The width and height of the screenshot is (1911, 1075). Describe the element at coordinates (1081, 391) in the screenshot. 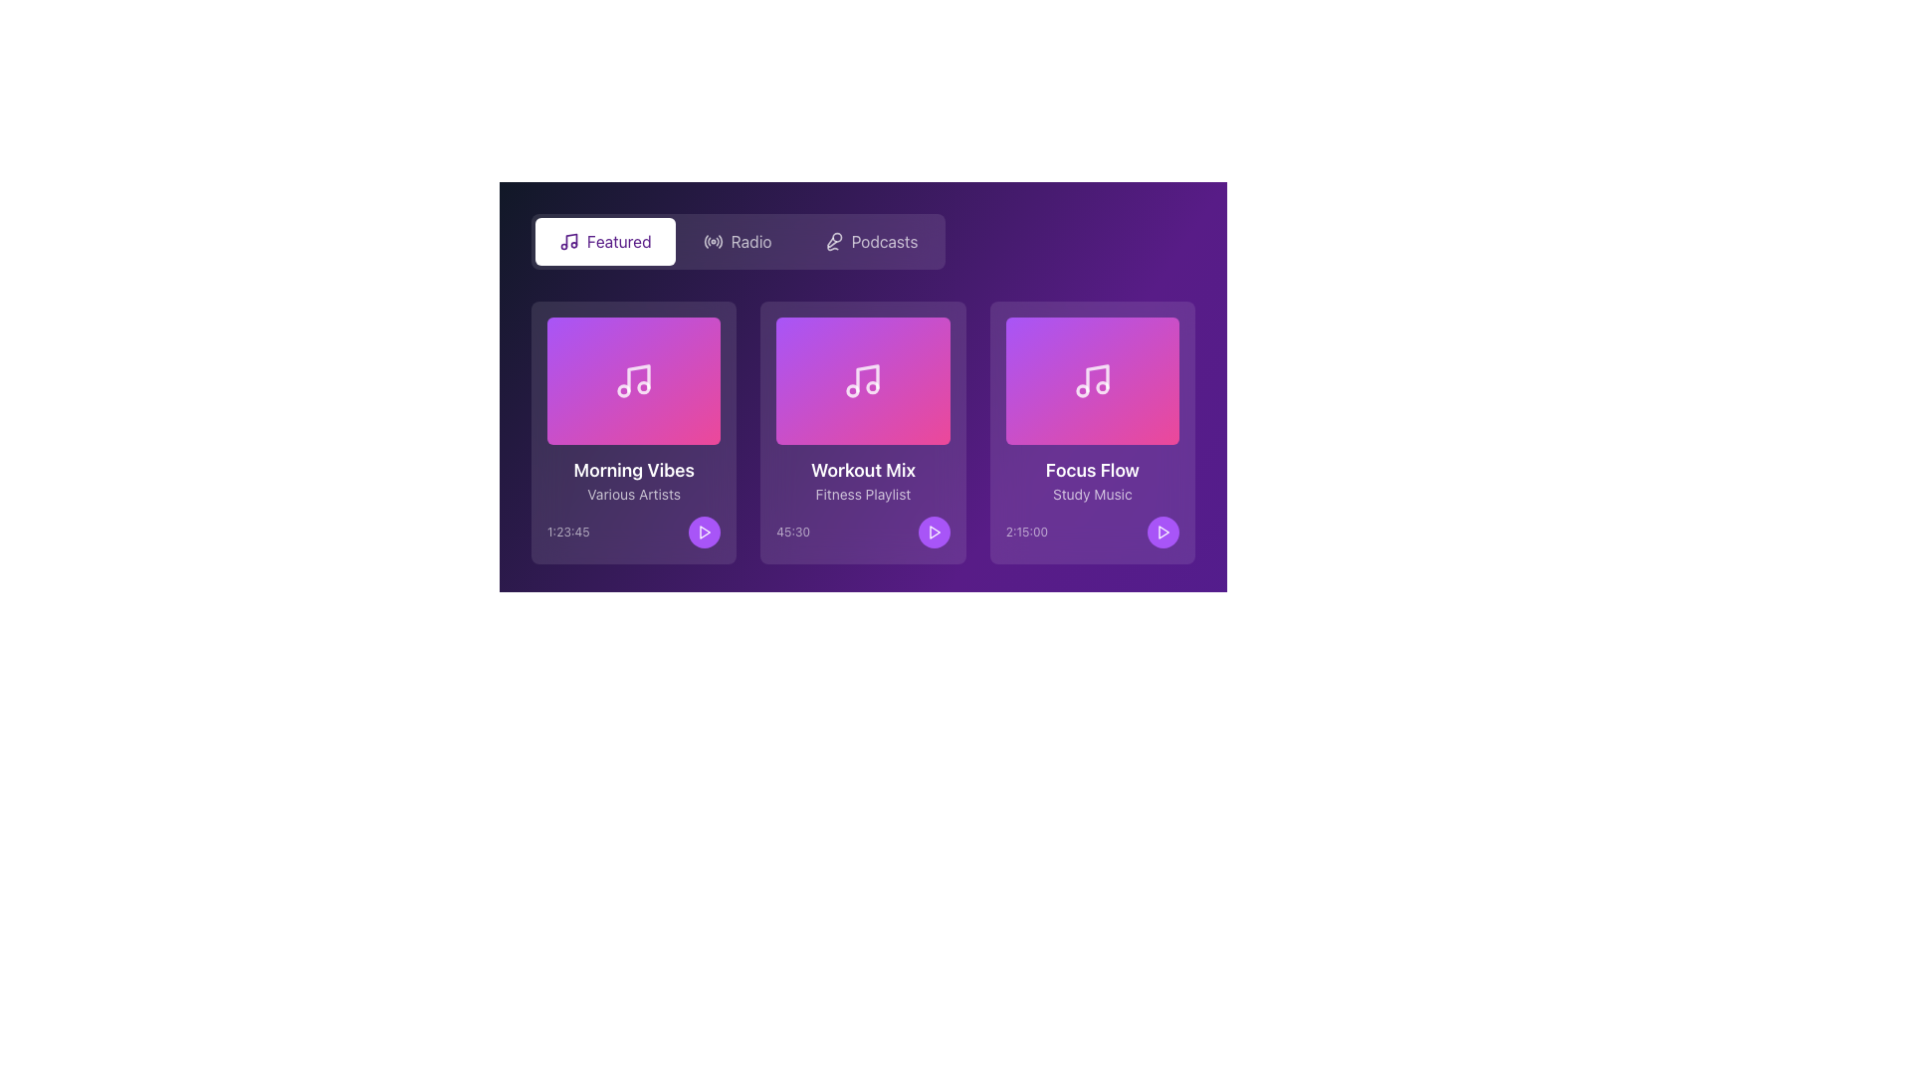

I see `the leftmost circular graphic of the music note icon in the 'Focus Flow' card, which is the third card from the left in the row below the main navigation bar` at that location.